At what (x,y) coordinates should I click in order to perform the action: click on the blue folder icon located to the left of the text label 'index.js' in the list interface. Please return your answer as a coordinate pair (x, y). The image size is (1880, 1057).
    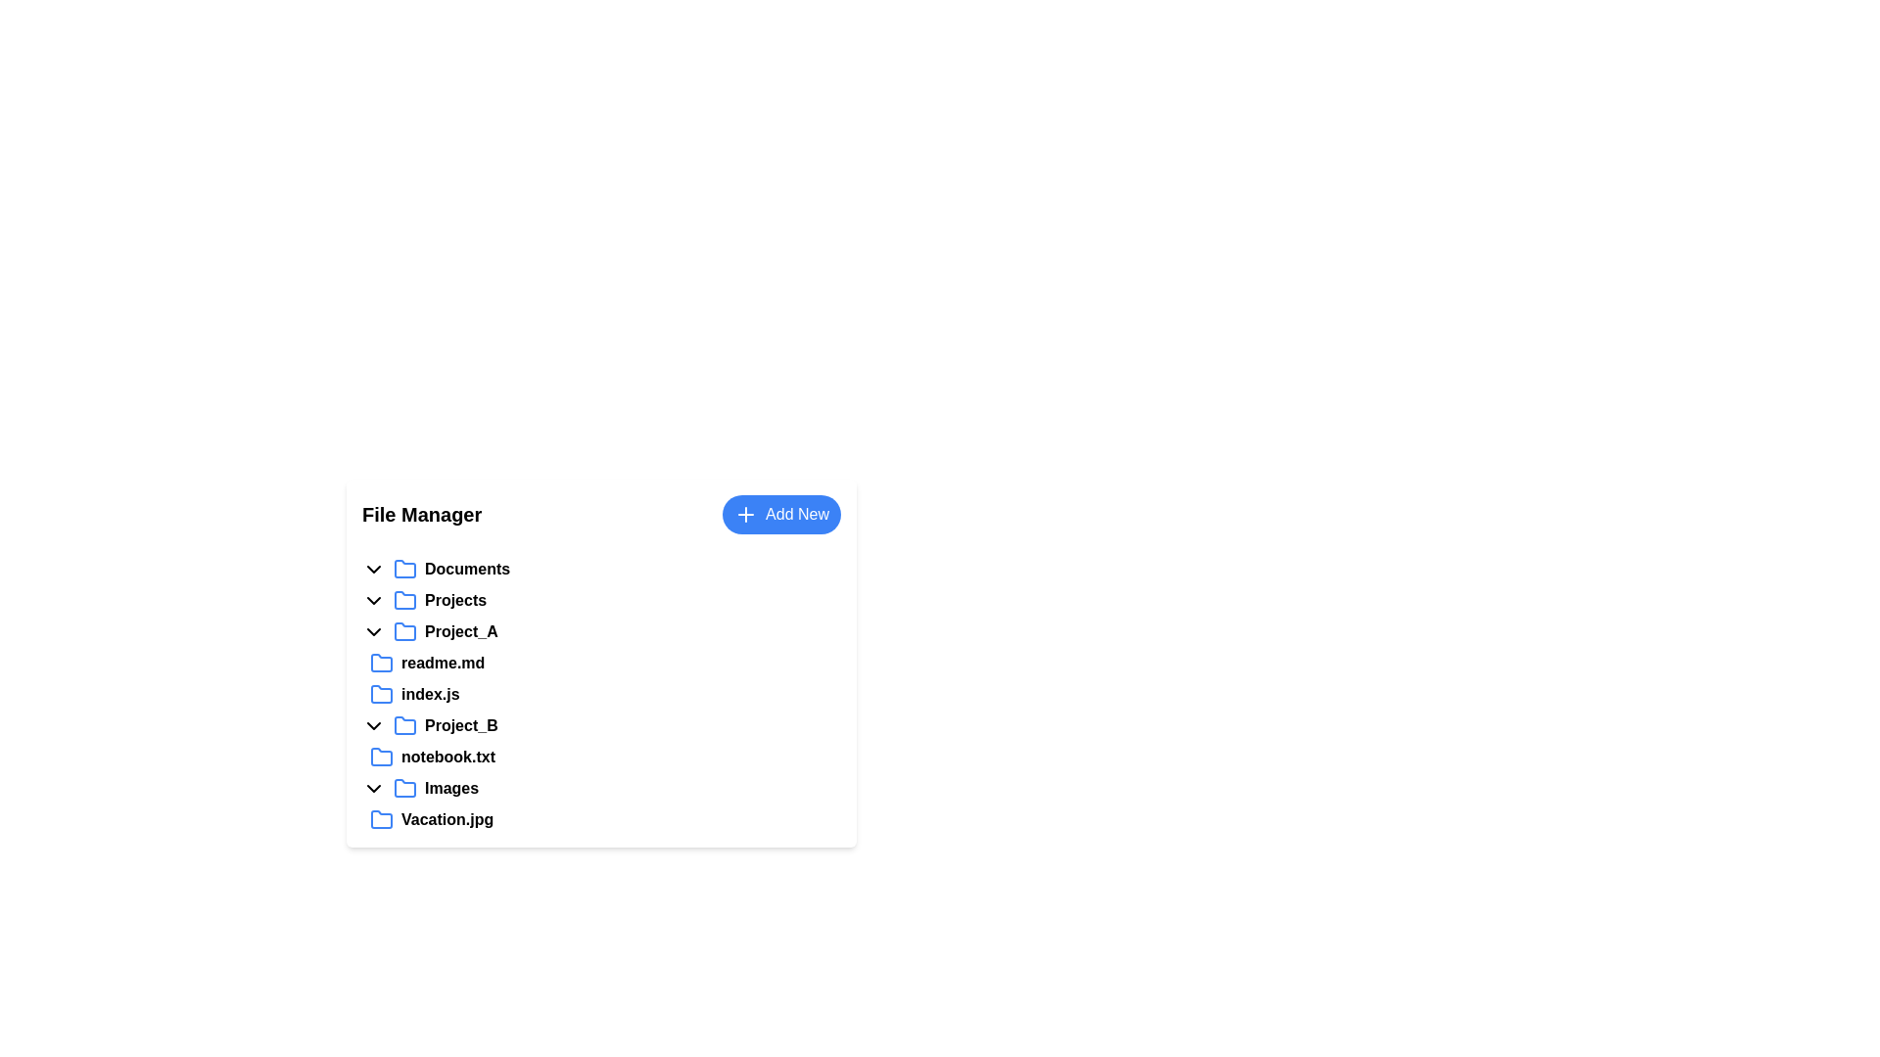
    Looking at the image, I should click on (381, 693).